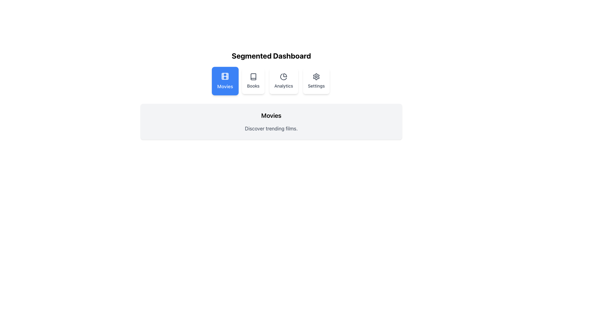  I want to click on the Decorative Rectangle located in the 'Movies' section of the segmented control, so click(224, 76).